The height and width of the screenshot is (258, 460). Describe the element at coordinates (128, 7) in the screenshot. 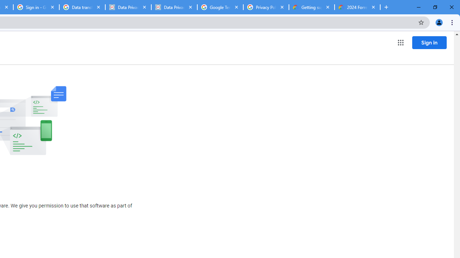

I see `'Data Privacy Framework'` at that location.